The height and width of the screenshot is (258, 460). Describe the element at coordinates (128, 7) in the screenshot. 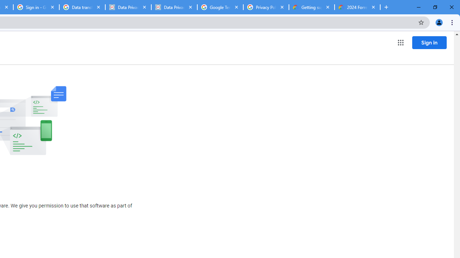

I see `'Data Privacy Framework'` at that location.